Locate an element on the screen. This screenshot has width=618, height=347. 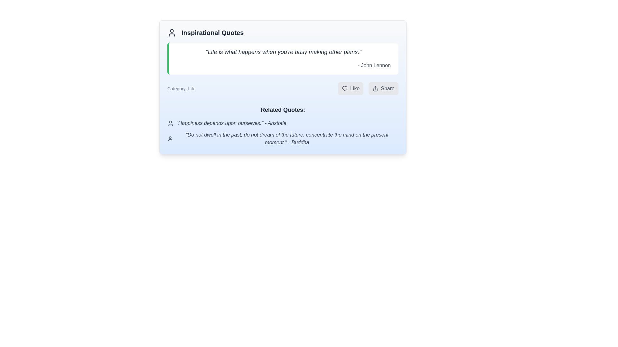
the static text block displaying the quote by Buddha, which is italicized and gray in color is located at coordinates (283, 138).